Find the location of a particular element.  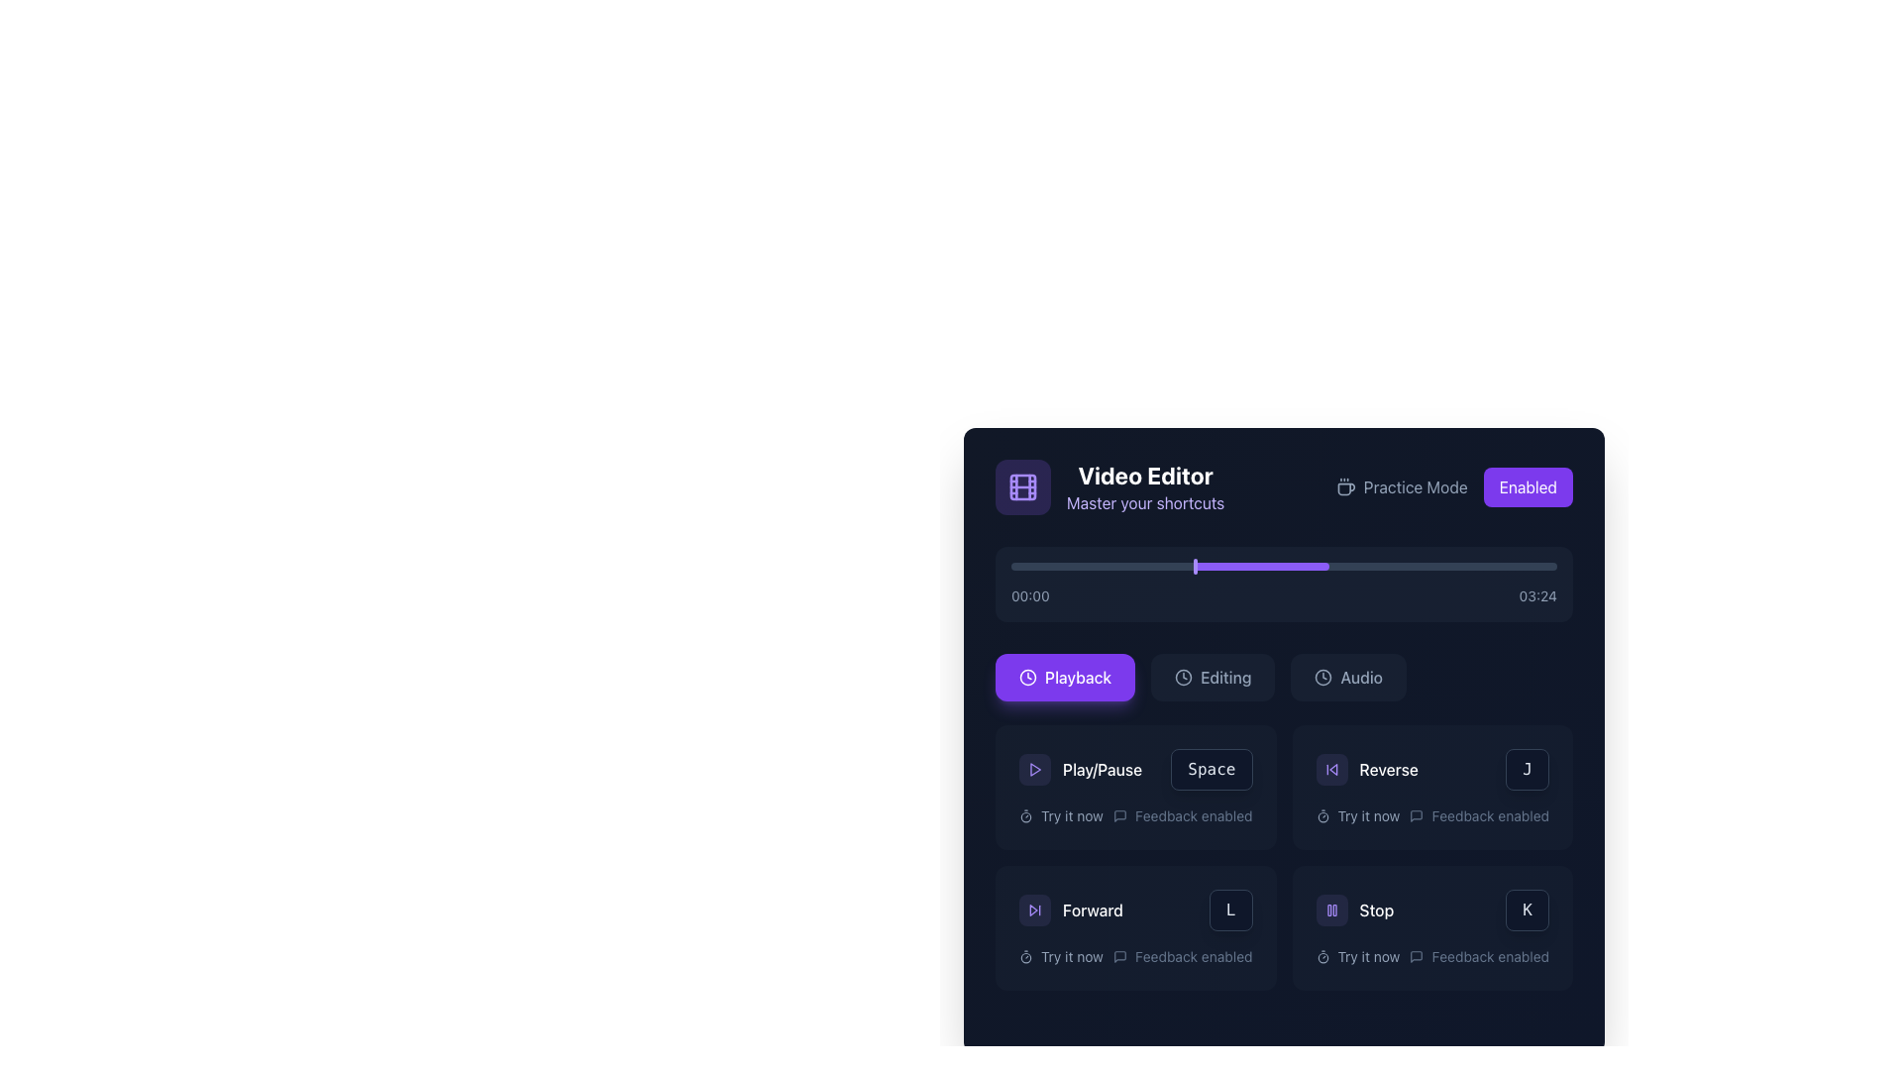

the playback time is located at coordinates (1098, 566).